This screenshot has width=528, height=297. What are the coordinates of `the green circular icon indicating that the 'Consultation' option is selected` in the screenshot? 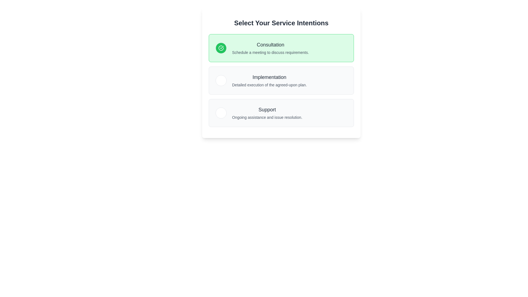 It's located at (221, 48).